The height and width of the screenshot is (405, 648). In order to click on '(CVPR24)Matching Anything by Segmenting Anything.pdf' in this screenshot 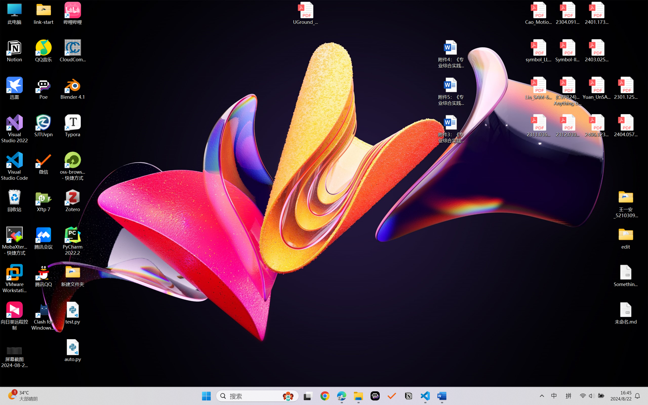, I will do `click(567, 91)`.